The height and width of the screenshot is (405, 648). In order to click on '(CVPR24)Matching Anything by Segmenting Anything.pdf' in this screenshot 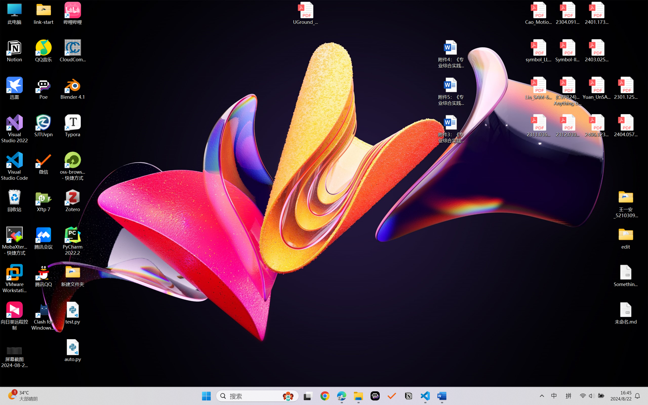, I will do `click(567, 91)`.